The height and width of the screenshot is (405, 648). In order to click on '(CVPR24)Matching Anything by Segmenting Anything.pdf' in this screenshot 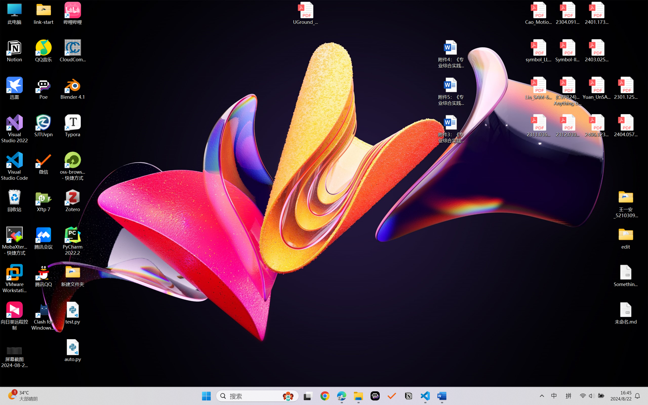, I will do `click(567, 91)`.